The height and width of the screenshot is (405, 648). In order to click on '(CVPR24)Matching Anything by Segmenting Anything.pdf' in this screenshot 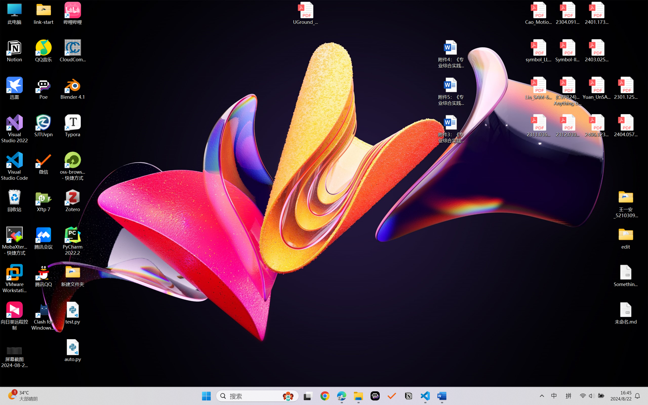, I will do `click(567, 91)`.